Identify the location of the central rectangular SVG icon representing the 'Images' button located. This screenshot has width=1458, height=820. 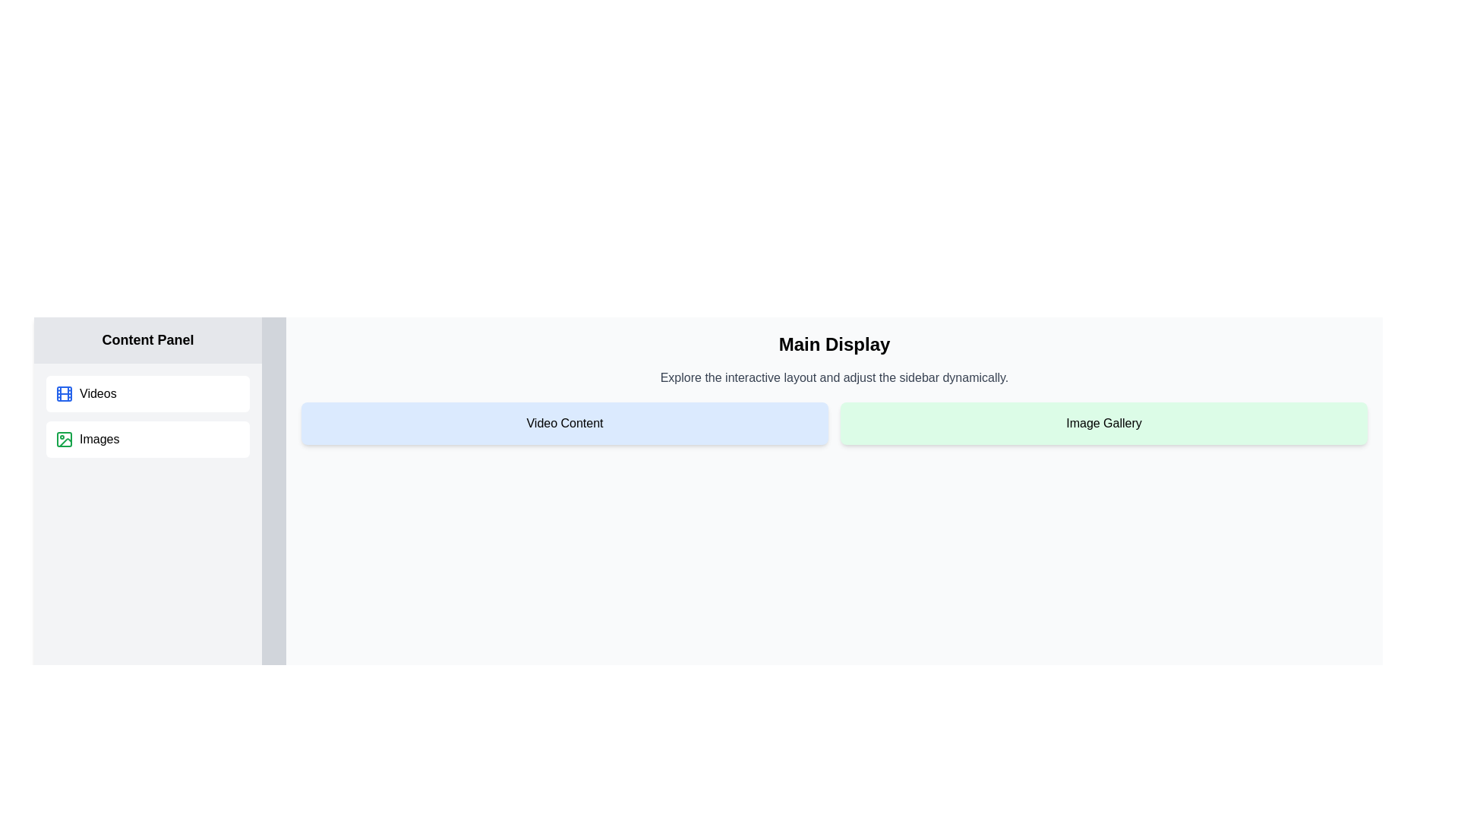
(64, 439).